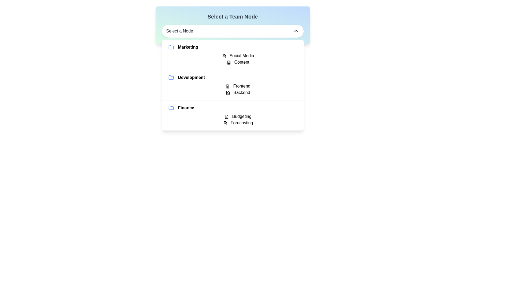 The width and height of the screenshot is (515, 290). Describe the element at coordinates (238, 116) in the screenshot. I see `the clickable text label displaying 'Budgeting' with a document icon, located in the 'Finance' section of the dropdown menu` at that location.